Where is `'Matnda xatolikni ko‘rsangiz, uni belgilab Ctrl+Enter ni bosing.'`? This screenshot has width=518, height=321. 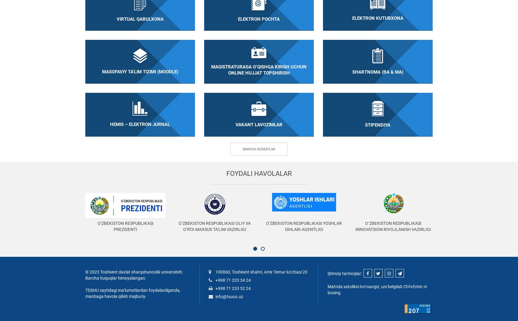
'Matnda xatolikni ko‘rsangiz, uni belgilab Ctrl+Enter ni bosing.' is located at coordinates (376, 289).